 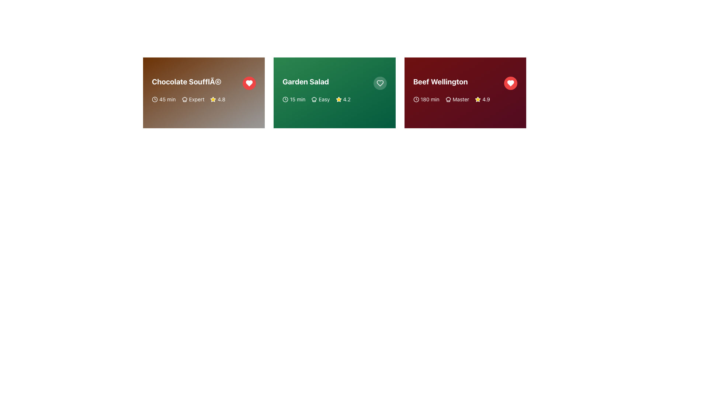 I want to click on the Rating display element located beneath the title 'Chocolate Soufflé', which shows the rating of the associated dish, being the third item from the left, so click(x=217, y=99).